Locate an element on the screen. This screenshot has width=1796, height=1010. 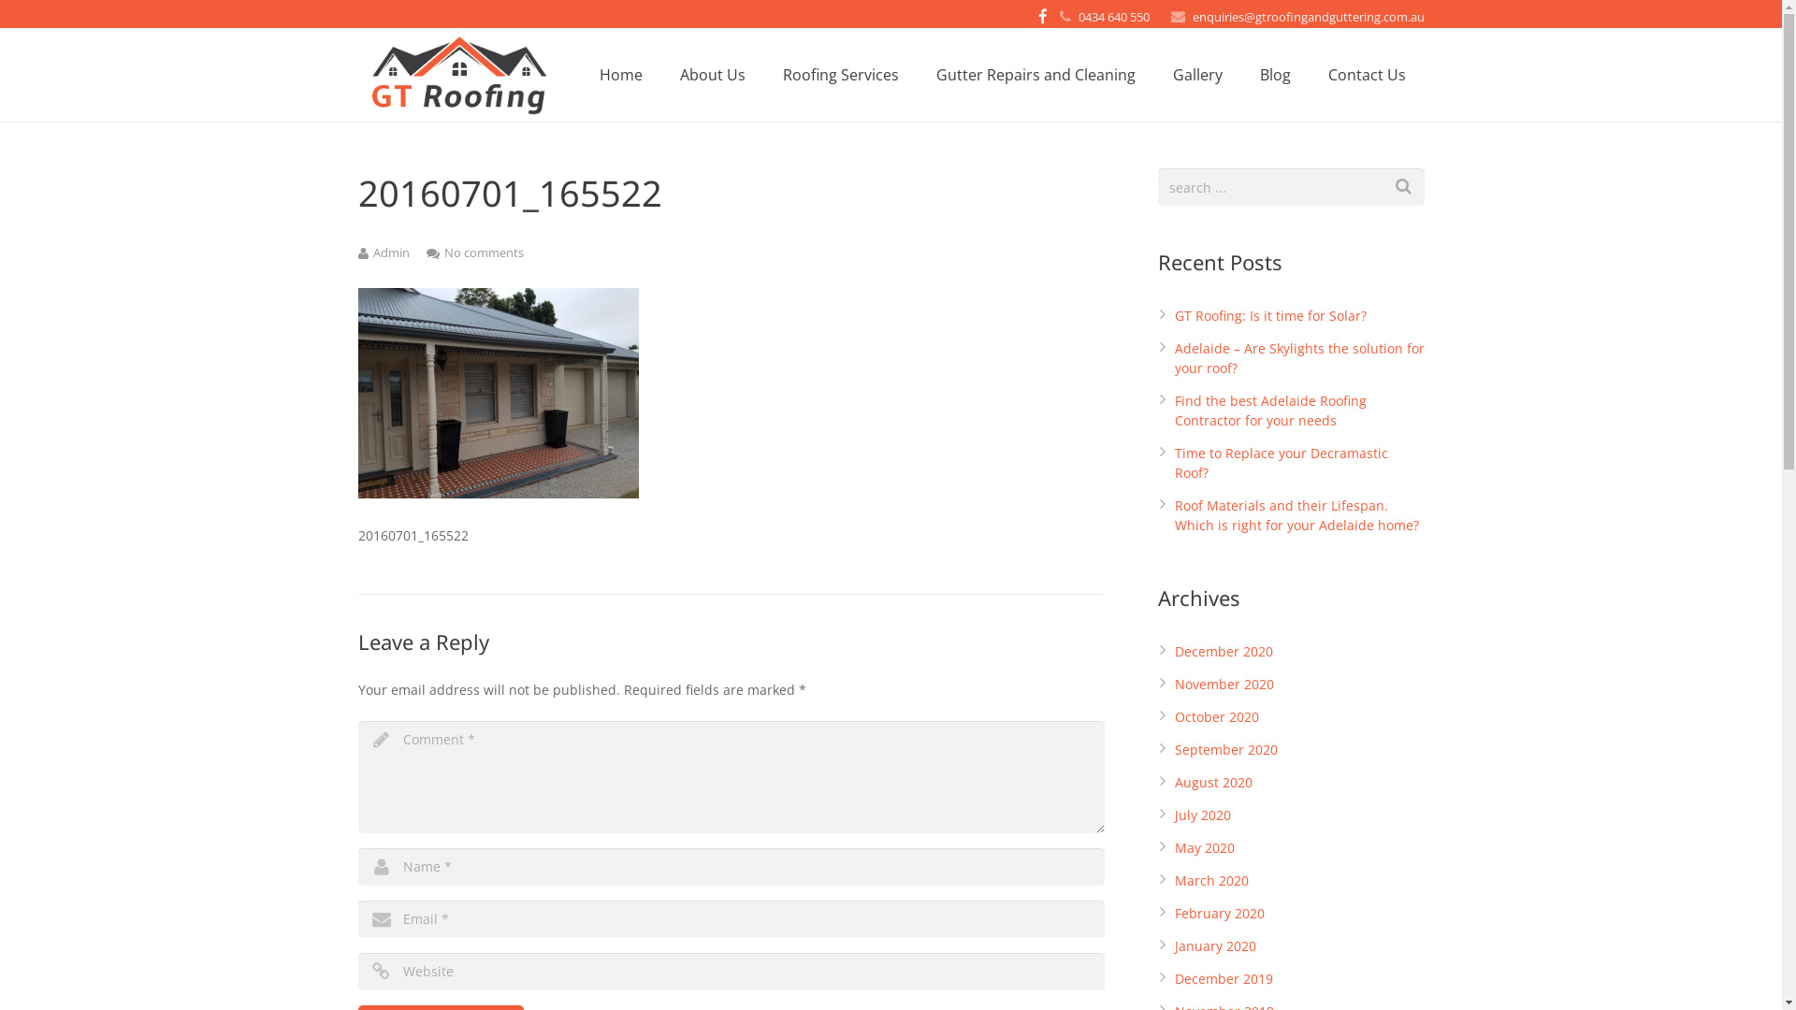
'September 2020' is located at coordinates (1225, 748).